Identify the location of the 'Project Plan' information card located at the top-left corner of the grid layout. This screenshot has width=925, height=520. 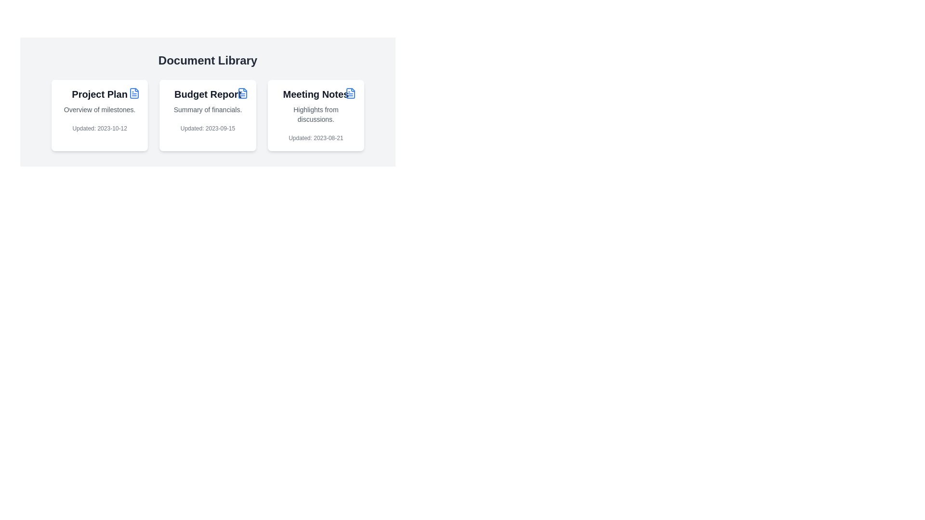
(99, 115).